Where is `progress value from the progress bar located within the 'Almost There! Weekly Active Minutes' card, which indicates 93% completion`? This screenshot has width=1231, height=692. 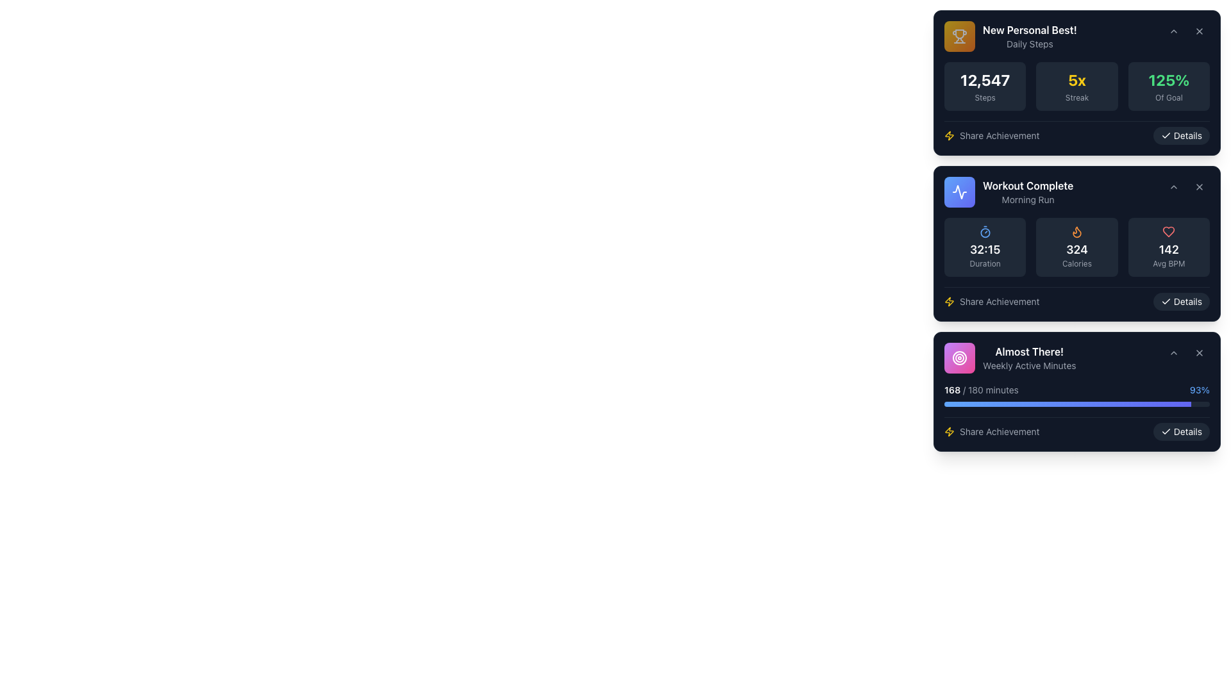 progress value from the progress bar located within the 'Almost There! Weekly Active Minutes' card, which indicates 93% completion is located at coordinates (1077, 412).